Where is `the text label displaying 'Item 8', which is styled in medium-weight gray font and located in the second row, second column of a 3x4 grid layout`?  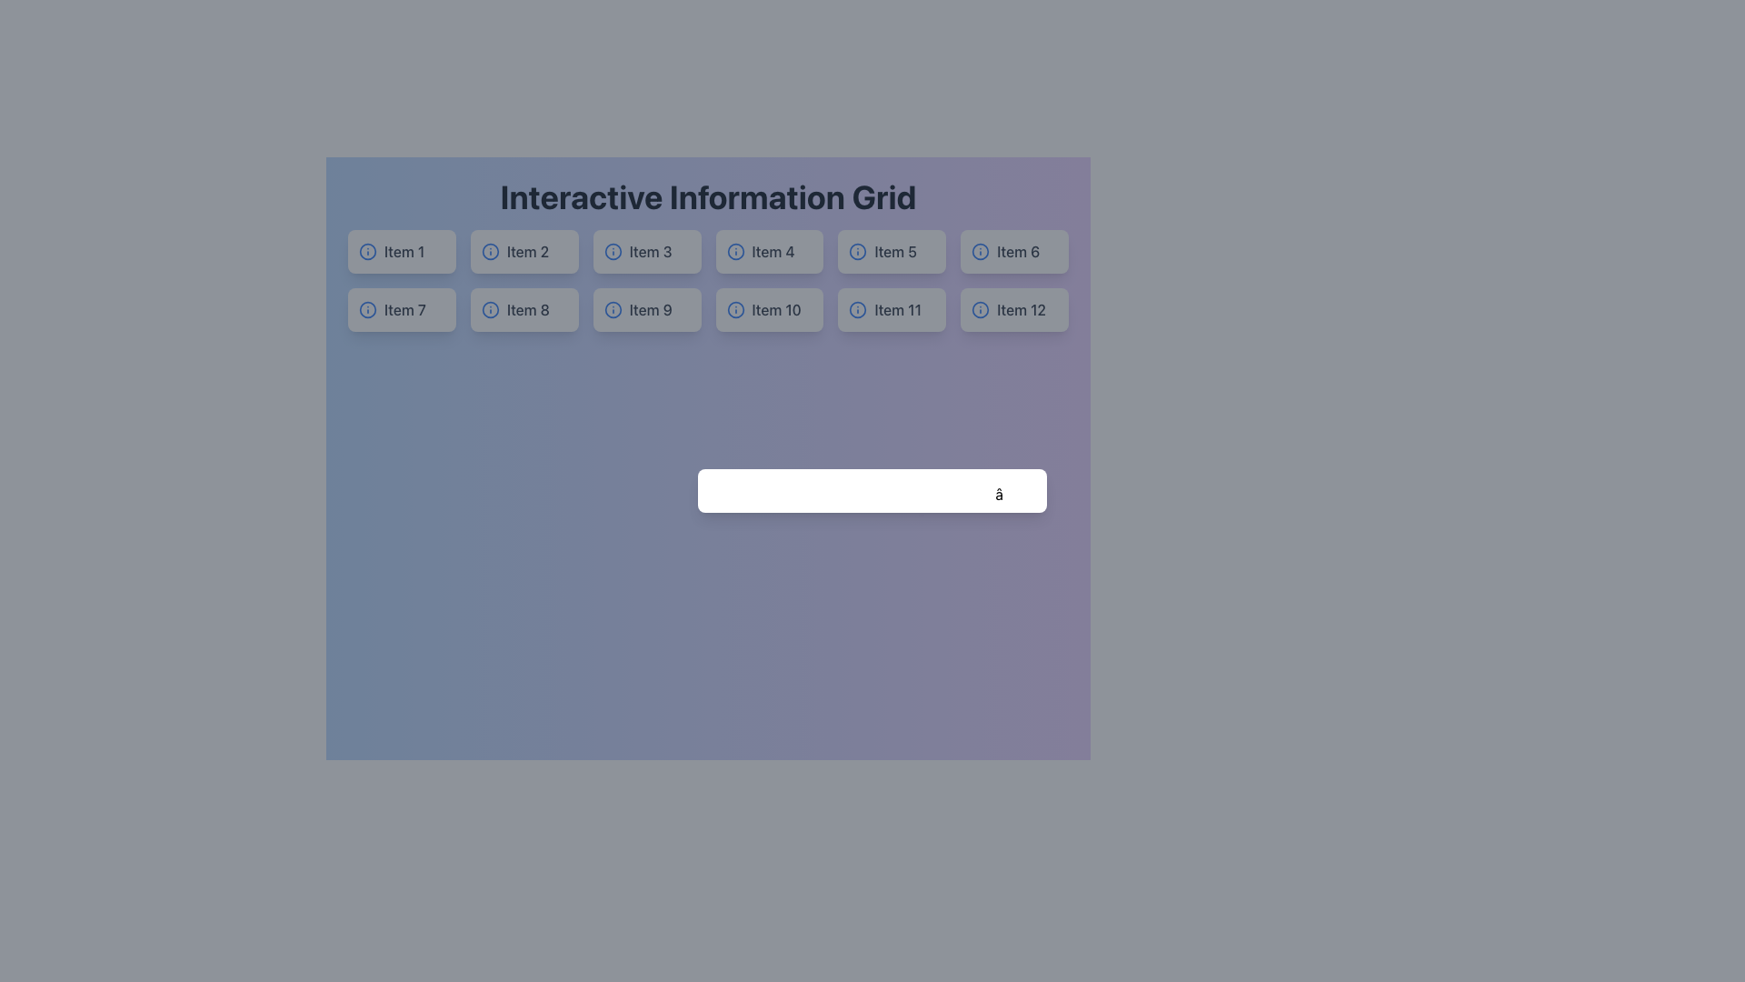
the text label displaying 'Item 8', which is styled in medium-weight gray font and located in the second row, second column of a 3x4 grid layout is located at coordinates (527, 308).